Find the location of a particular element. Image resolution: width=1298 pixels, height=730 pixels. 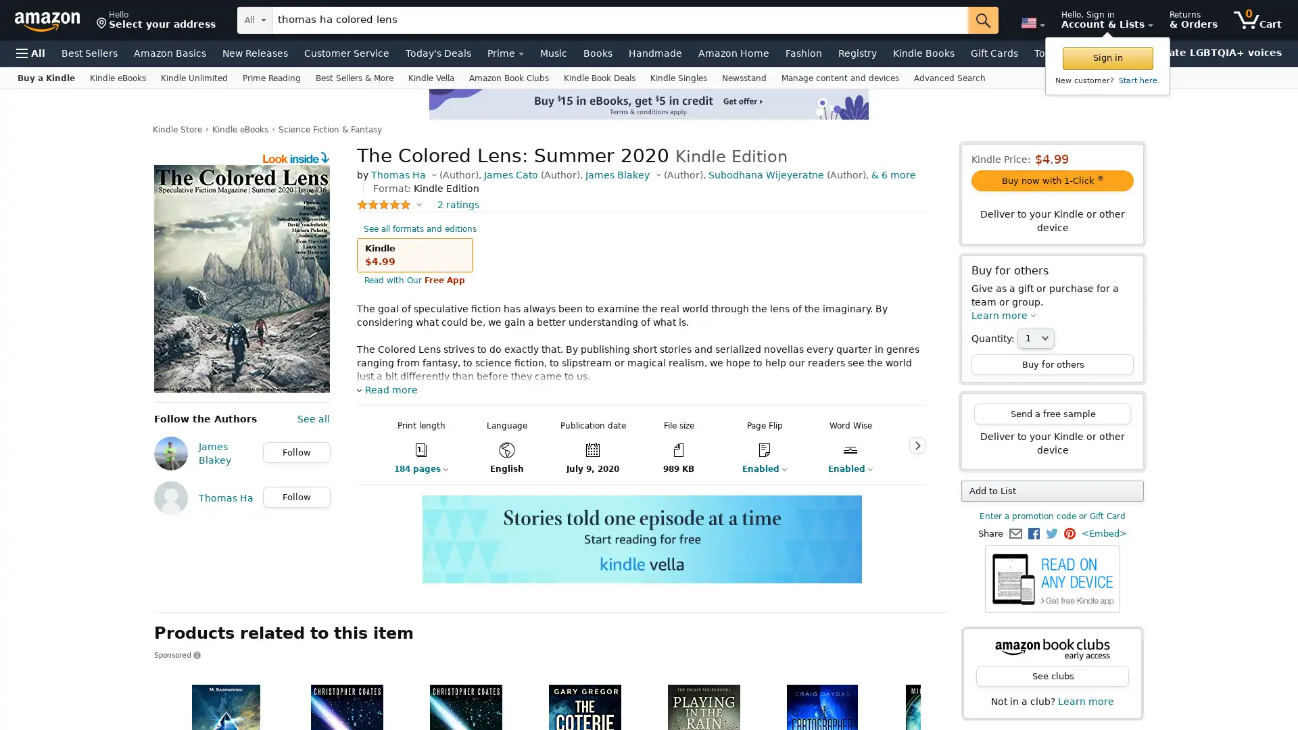

Open Menu is located at coordinates (30, 52).